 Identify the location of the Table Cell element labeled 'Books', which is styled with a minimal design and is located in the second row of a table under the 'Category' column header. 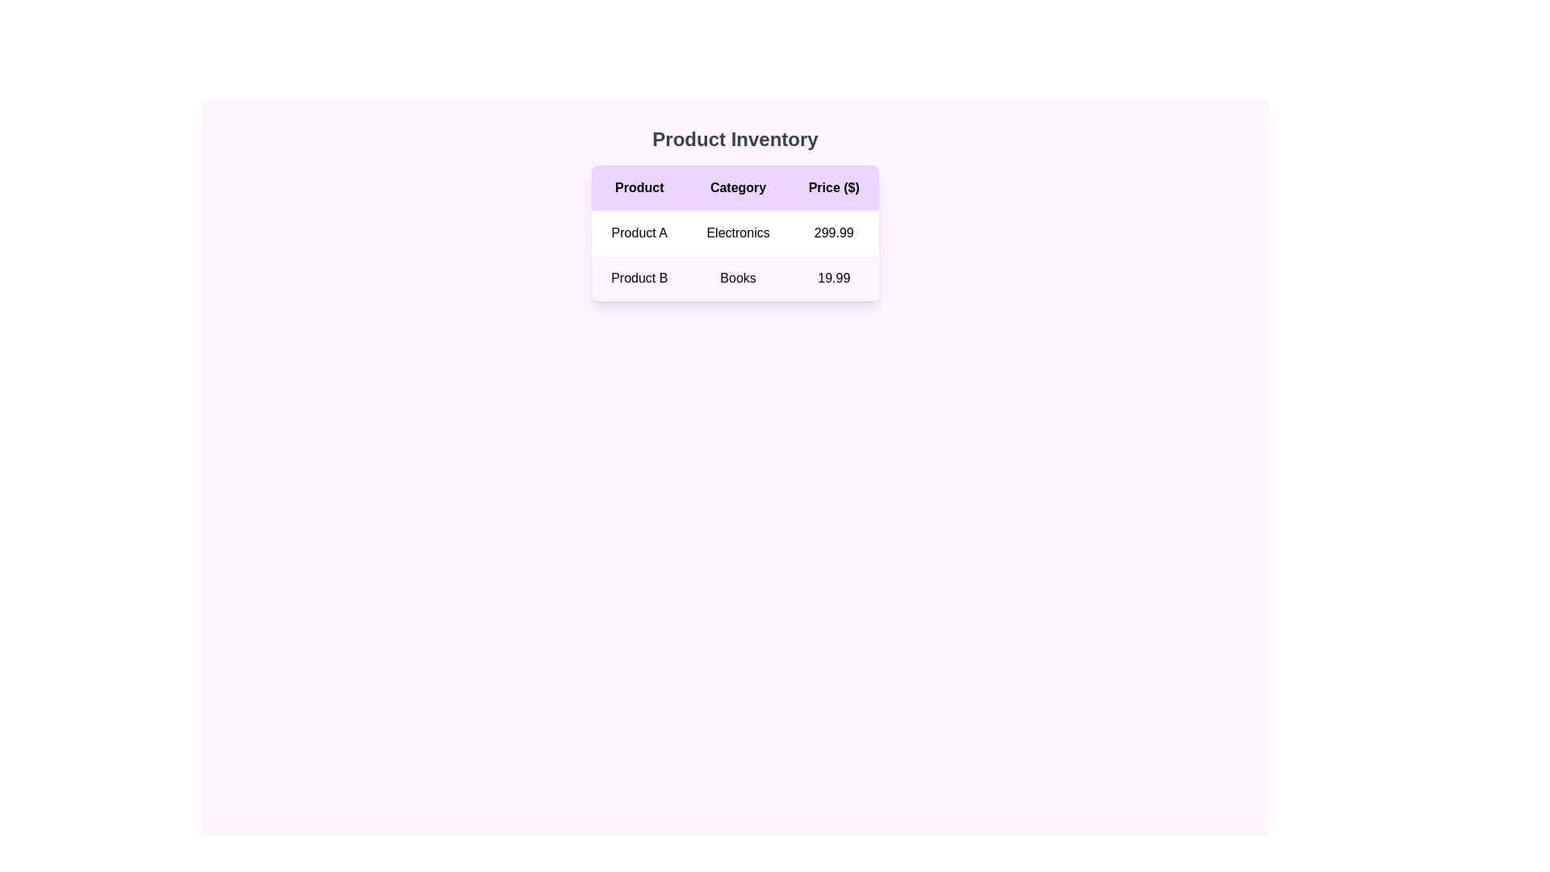
(737, 277).